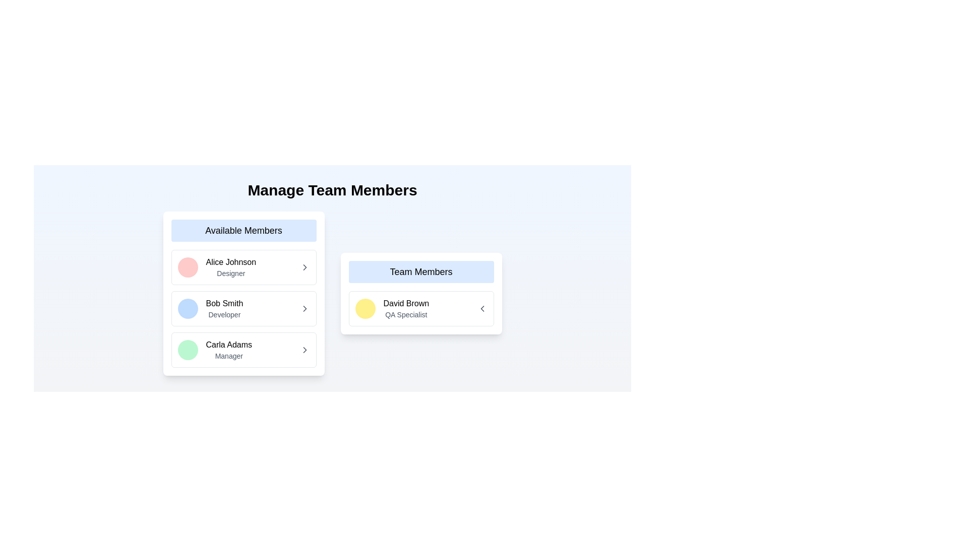 The width and height of the screenshot is (968, 544). What do you see at coordinates (481, 308) in the screenshot?
I see `the left-facing chevron-shaped button used for navigation or item removal, located next to 'QA Specialist' under 'David Brown'` at bounding box center [481, 308].